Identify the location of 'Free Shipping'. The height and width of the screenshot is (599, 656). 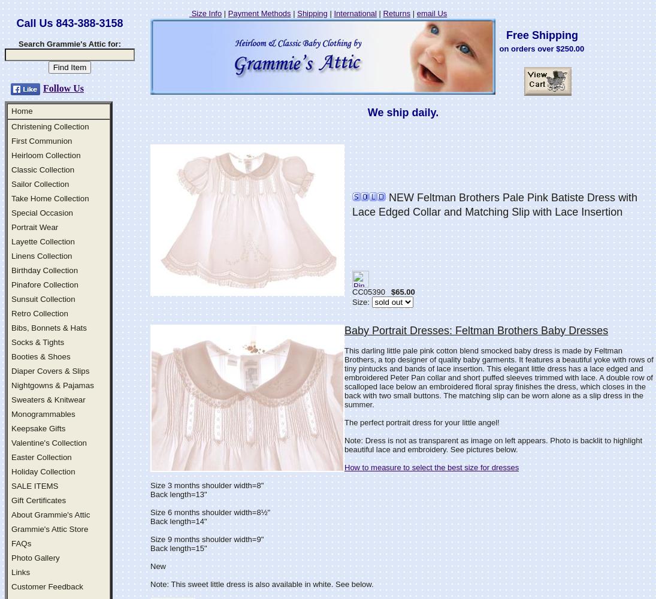
(537, 35).